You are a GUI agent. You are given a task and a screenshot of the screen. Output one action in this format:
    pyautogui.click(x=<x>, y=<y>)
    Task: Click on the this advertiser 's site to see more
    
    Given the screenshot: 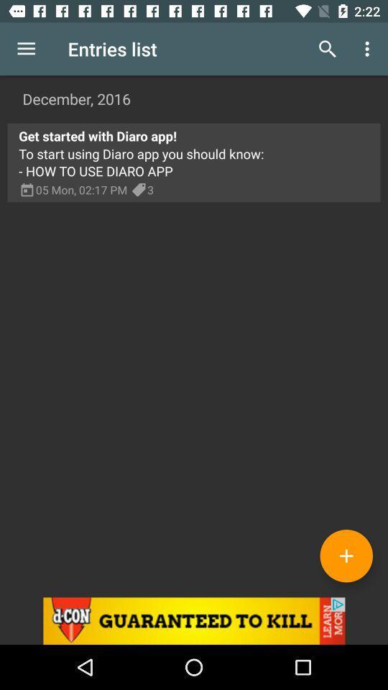 What is the action you would take?
    pyautogui.click(x=194, y=620)
    